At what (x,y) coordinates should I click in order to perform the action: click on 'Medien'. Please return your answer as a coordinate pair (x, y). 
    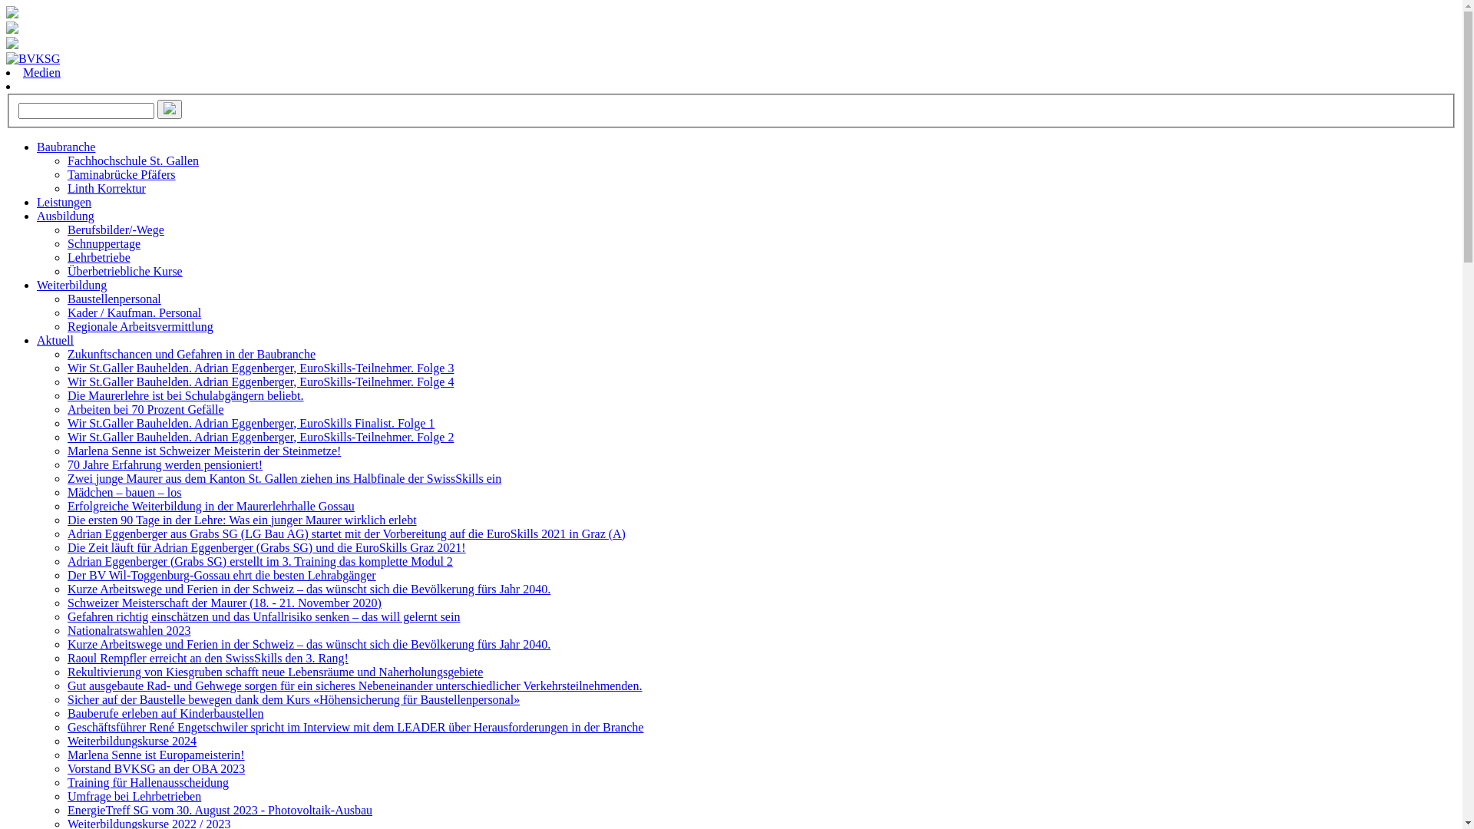
    Looking at the image, I should click on (22, 72).